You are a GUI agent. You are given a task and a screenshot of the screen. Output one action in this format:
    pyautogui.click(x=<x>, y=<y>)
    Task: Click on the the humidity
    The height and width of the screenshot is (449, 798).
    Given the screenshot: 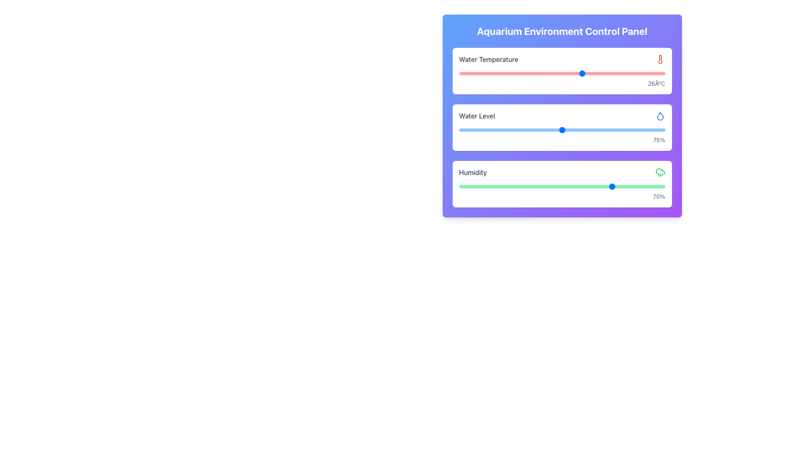 What is the action you would take?
    pyautogui.click(x=566, y=186)
    